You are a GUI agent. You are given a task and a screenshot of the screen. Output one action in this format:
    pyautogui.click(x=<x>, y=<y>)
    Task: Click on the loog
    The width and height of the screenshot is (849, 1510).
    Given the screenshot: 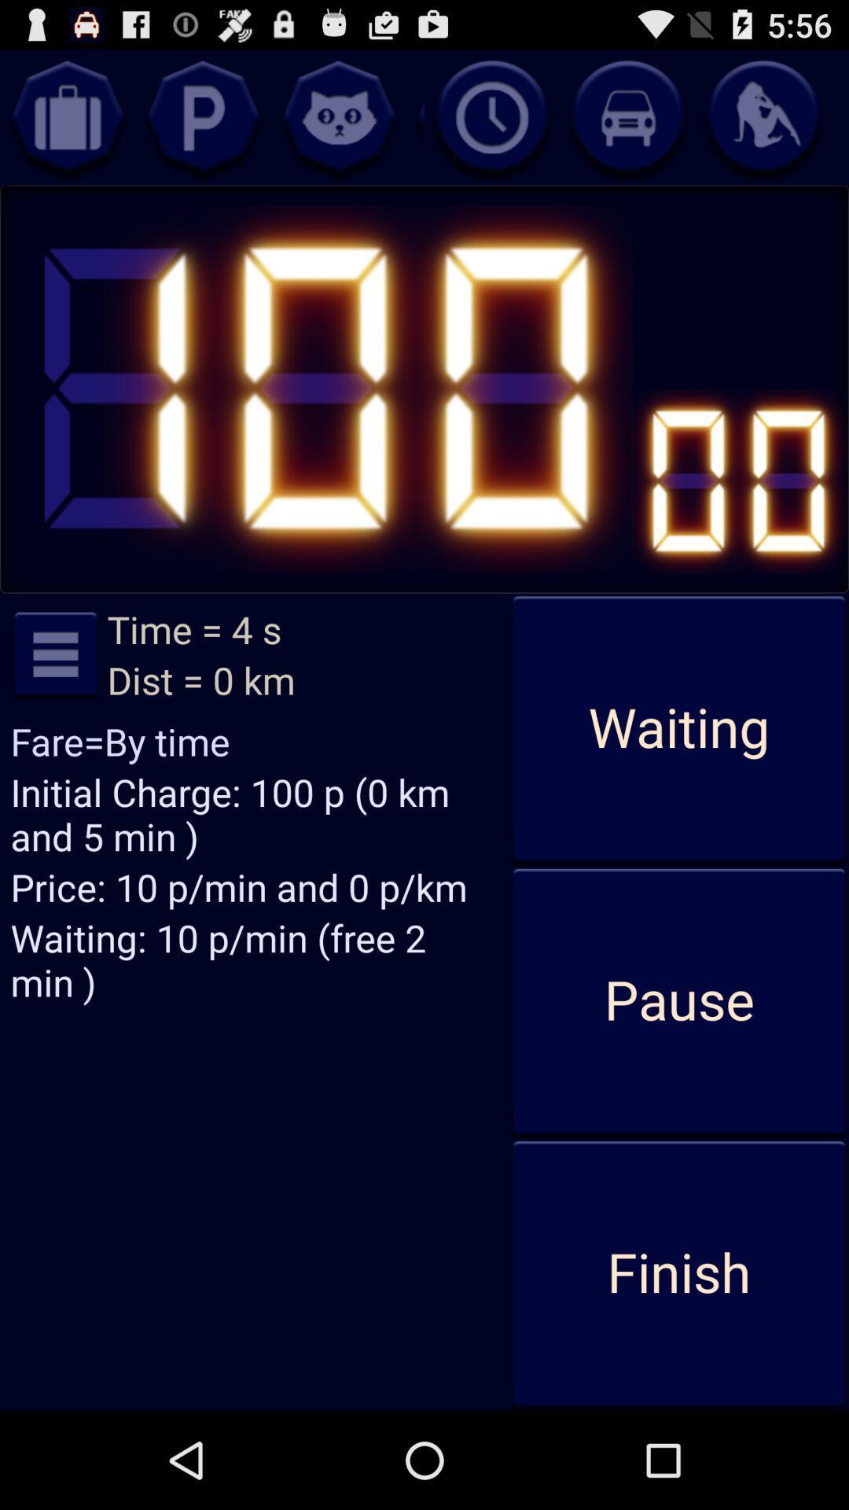 What is the action you would take?
    pyautogui.click(x=202, y=116)
    